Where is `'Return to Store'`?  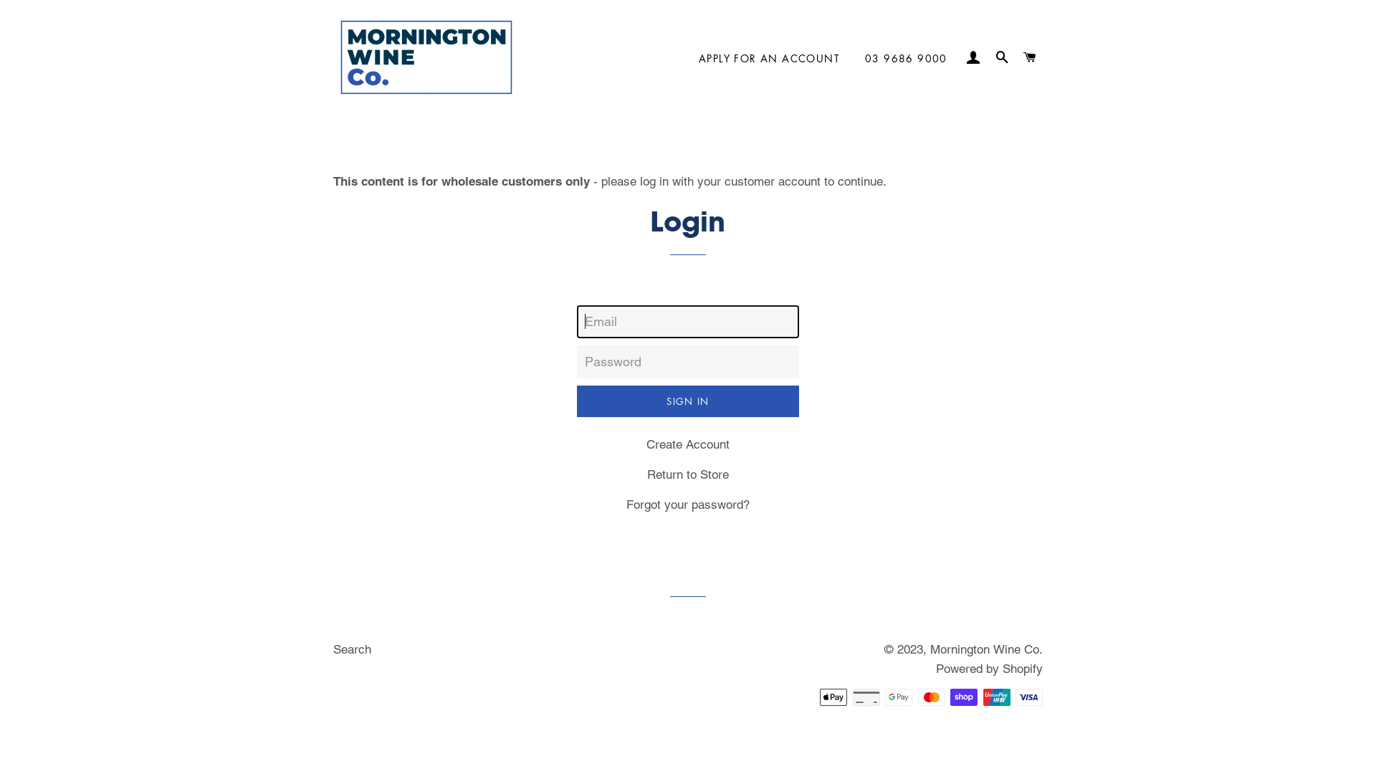 'Return to Store' is located at coordinates (646, 474).